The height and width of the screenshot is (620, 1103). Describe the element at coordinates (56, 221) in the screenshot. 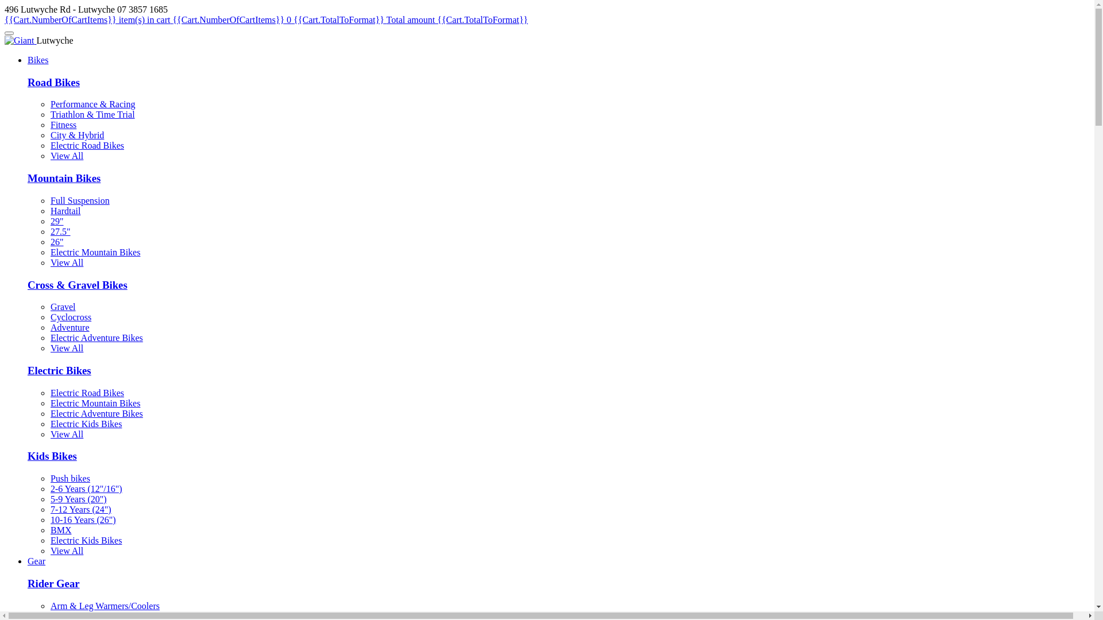

I see `'29"'` at that location.